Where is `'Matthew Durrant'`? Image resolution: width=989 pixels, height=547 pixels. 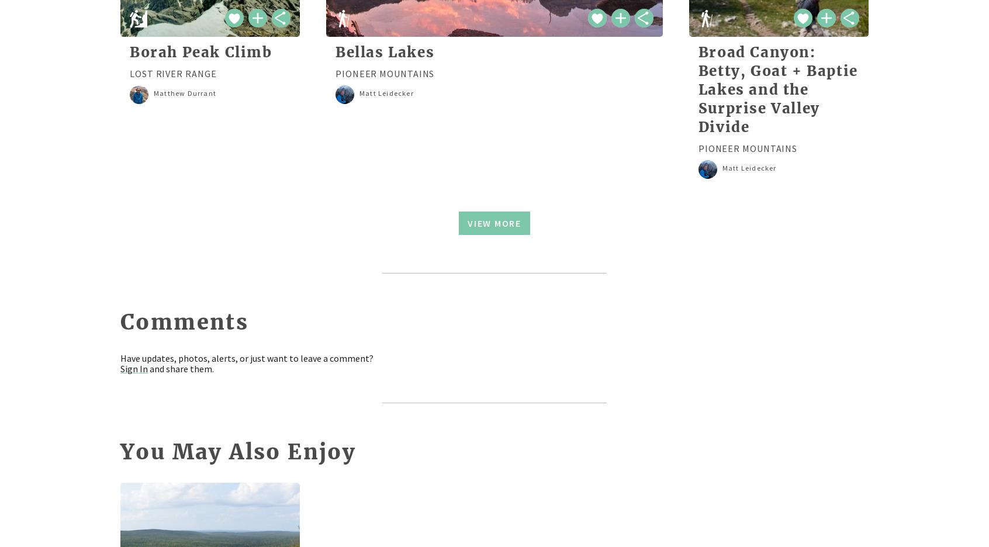
'Matthew Durrant' is located at coordinates (184, 92).